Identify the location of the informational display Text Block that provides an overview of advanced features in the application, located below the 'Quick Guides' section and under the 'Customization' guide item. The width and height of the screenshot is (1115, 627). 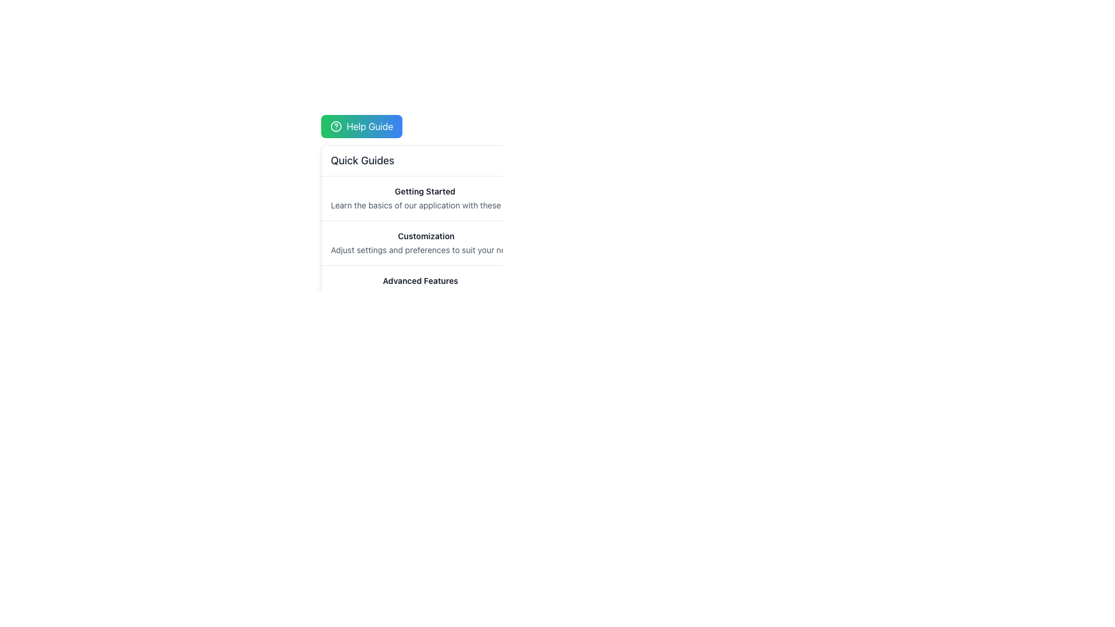
(420, 287).